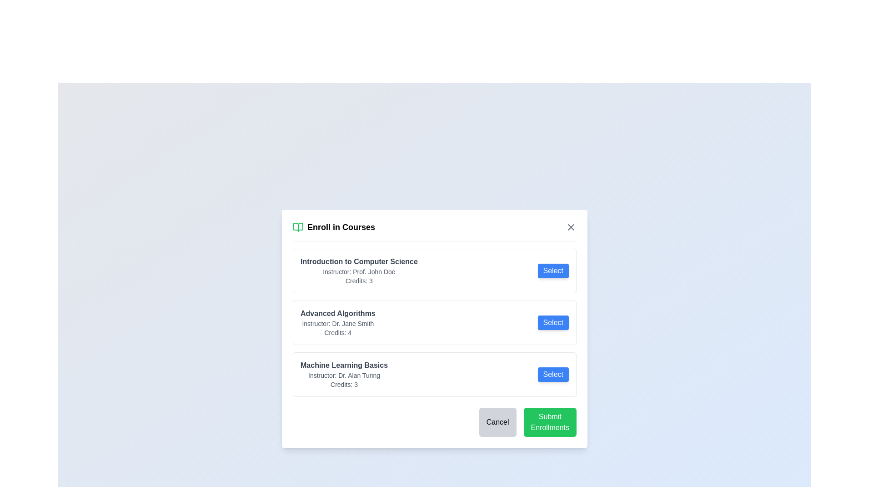 This screenshot has height=491, width=873. What do you see at coordinates (337, 332) in the screenshot?
I see `text label displaying 'Credits: 4', which is a small gray font positioned below 'Instructor: Dr. Jane Smith' in the course entry for 'Advanced Algorithms'` at bounding box center [337, 332].